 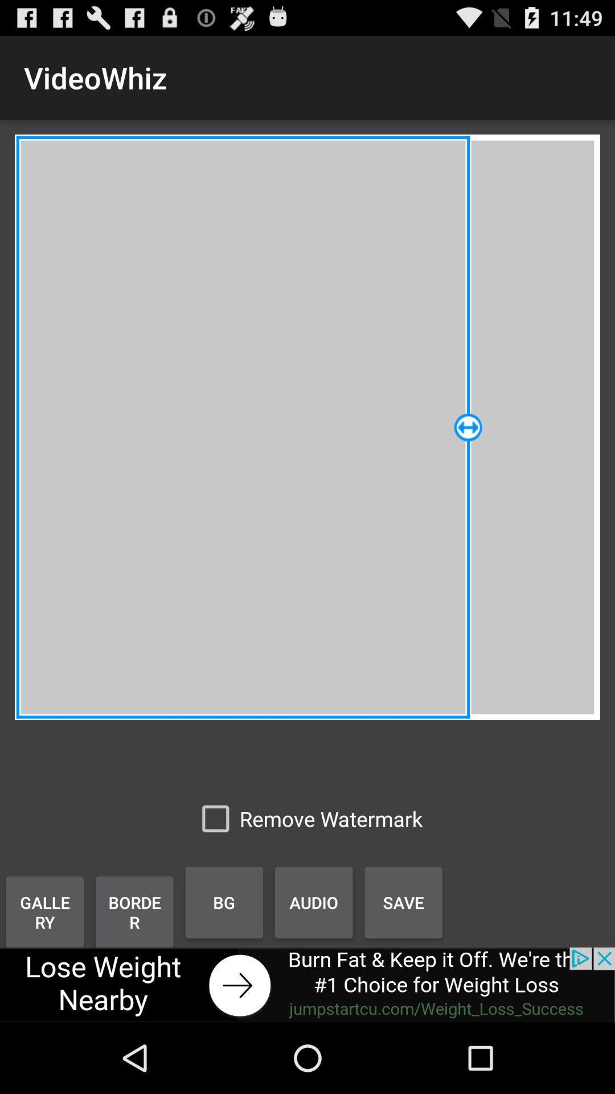 I want to click on click for advertisement, so click(x=307, y=984).